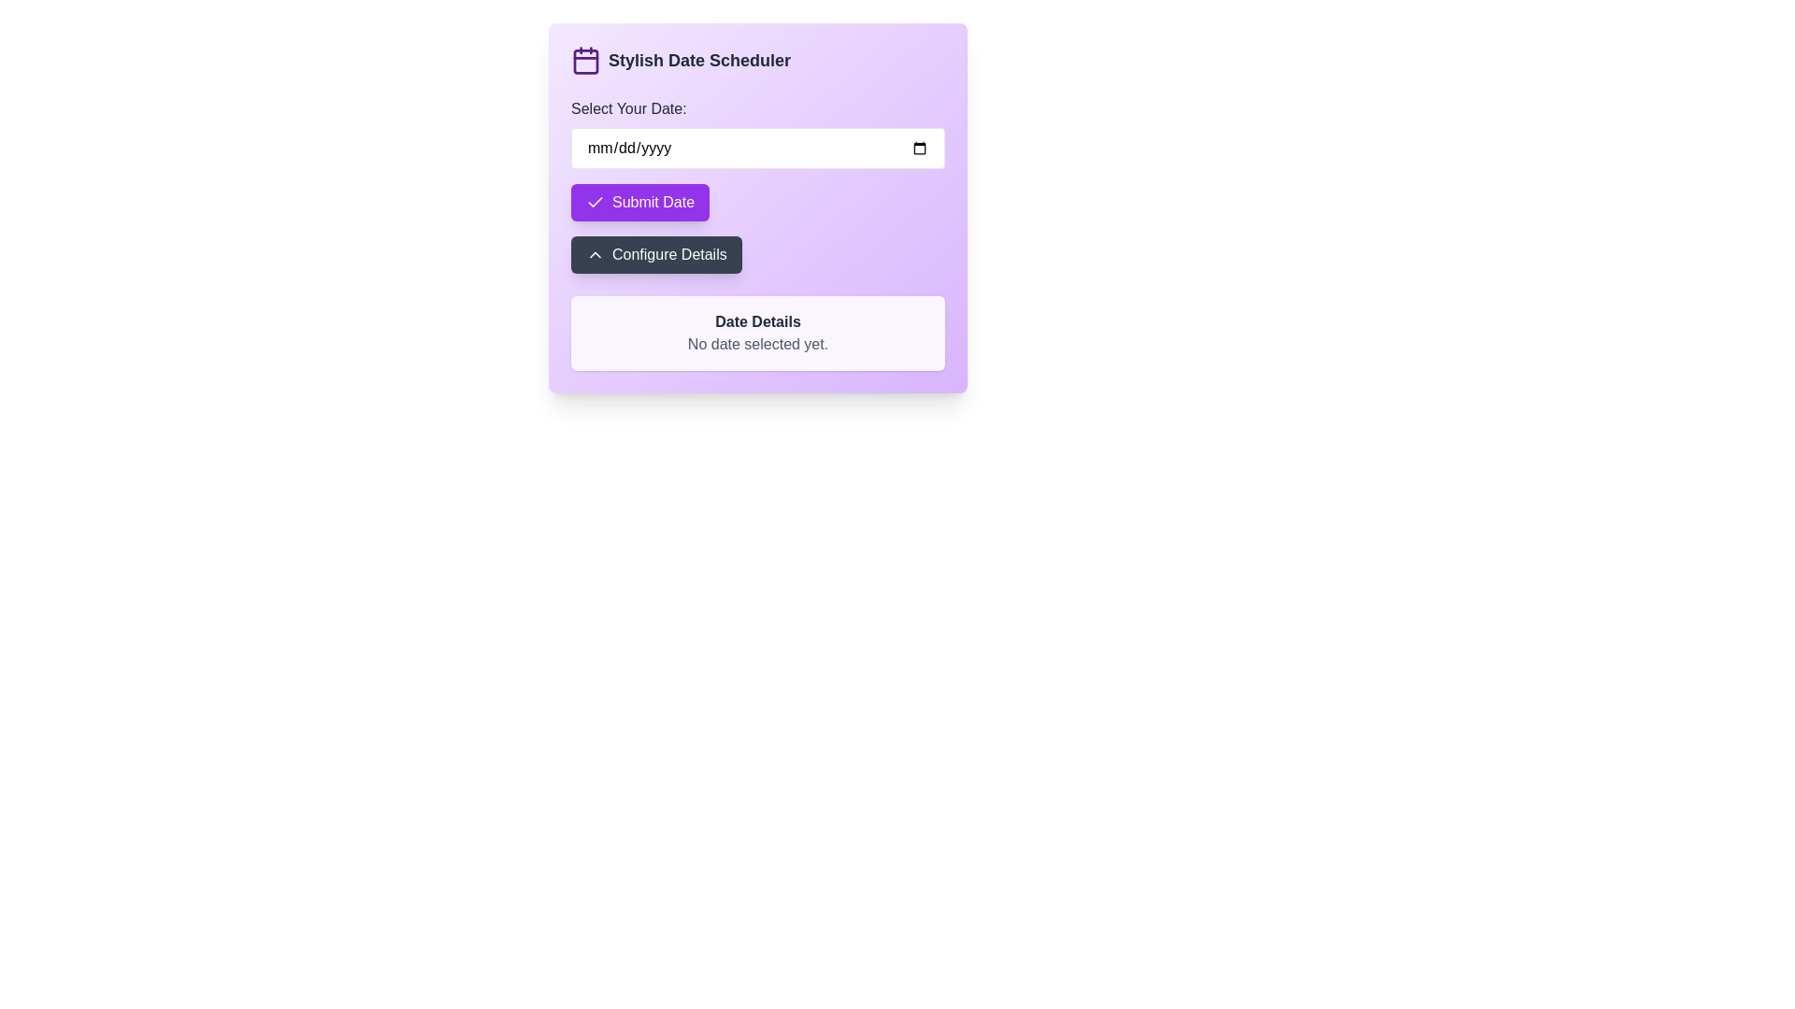 This screenshot has width=1795, height=1009. What do you see at coordinates (758, 60) in the screenshot?
I see `the heading element that indicates the purpose of the date scheduler` at bounding box center [758, 60].